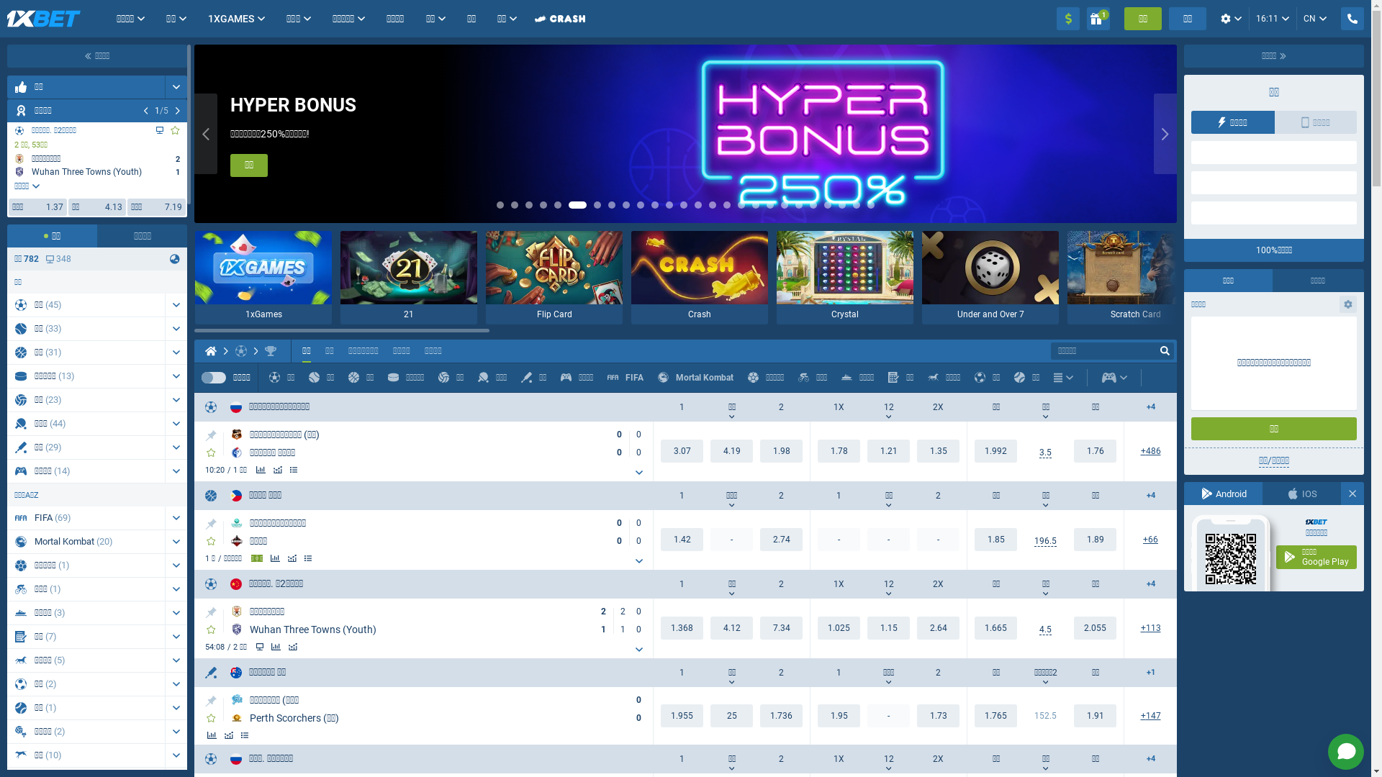  Describe the element at coordinates (1045, 629) in the screenshot. I see `'4.5'` at that location.